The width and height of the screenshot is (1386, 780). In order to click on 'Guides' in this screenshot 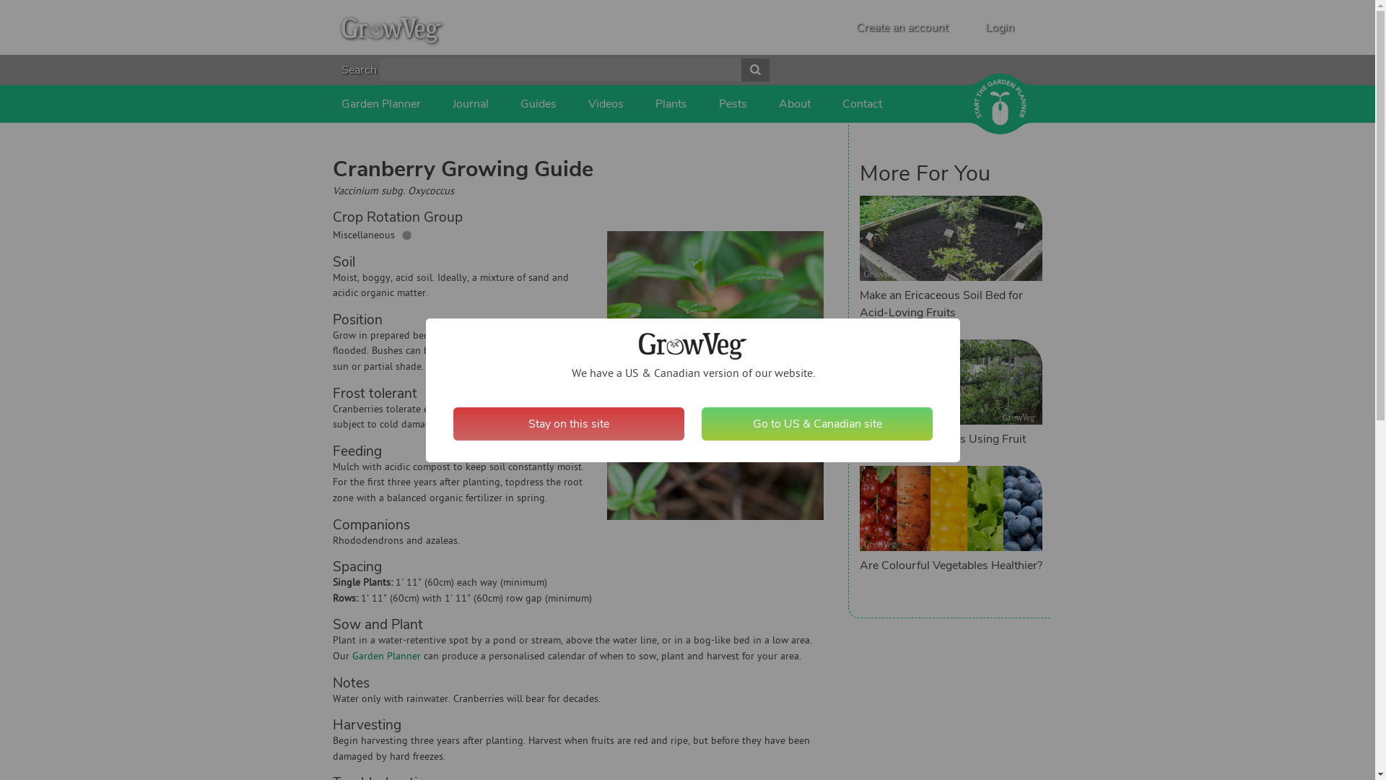, I will do `click(536, 103)`.